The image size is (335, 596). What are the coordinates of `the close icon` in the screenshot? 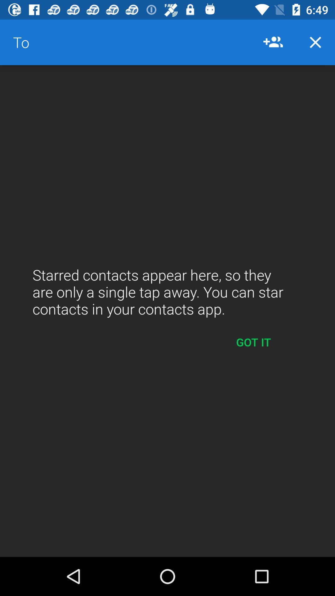 It's located at (315, 42).